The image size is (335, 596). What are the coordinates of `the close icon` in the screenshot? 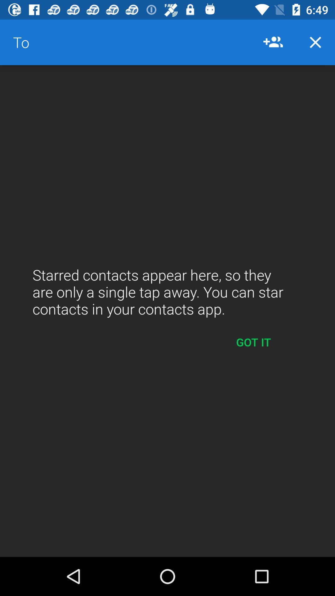 It's located at (315, 42).